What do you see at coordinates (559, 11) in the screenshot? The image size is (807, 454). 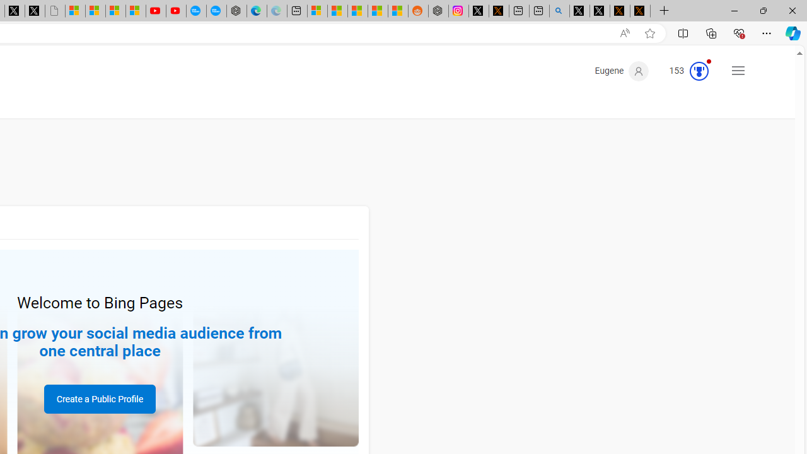 I see `'github - Search'` at bounding box center [559, 11].